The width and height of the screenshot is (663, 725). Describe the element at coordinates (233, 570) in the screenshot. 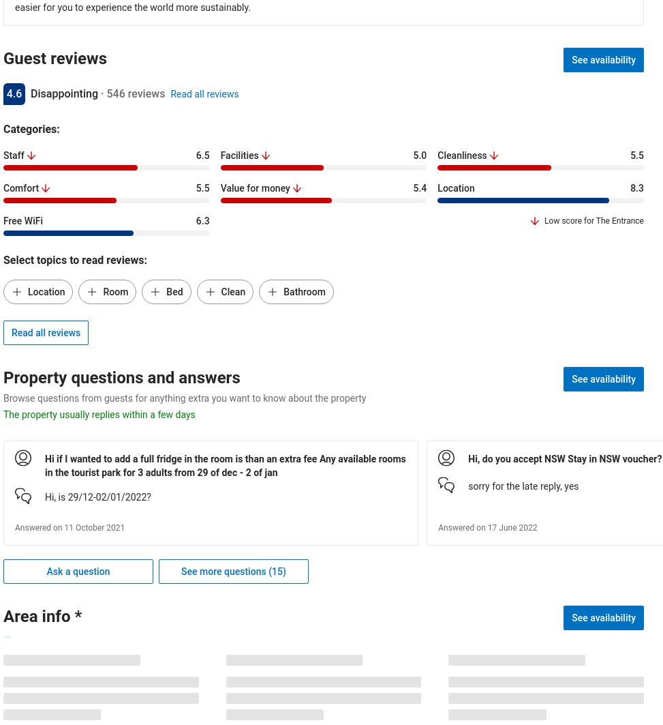

I see `'See more questions (15)'` at that location.